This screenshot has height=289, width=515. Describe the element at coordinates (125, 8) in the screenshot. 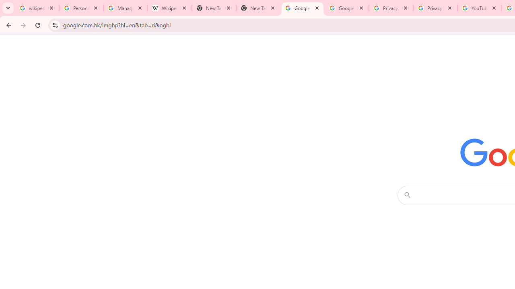

I see `'Manage your Location History - Google Search Help'` at that location.